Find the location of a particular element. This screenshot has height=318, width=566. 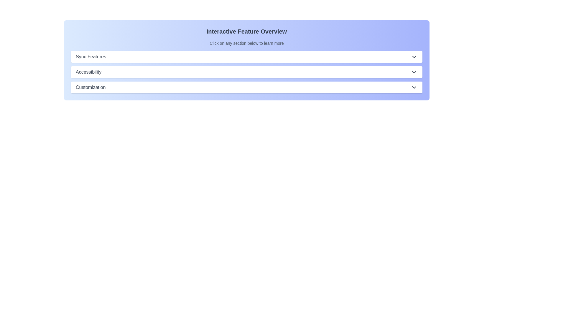

text label displaying 'Sync Features', which is styled in a modern sans-serif font and is located inside the first collapsible section of the interface is located at coordinates (91, 57).